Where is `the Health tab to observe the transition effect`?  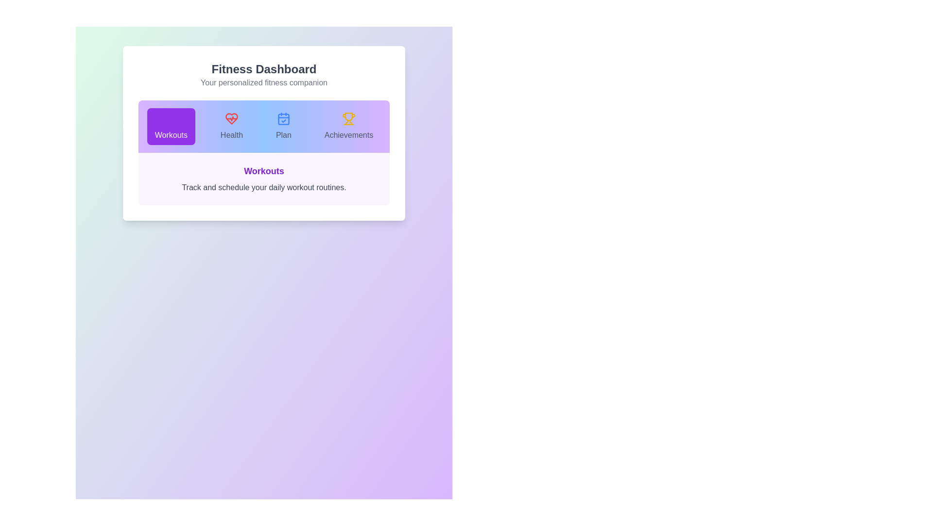 the Health tab to observe the transition effect is located at coordinates (230, 126).